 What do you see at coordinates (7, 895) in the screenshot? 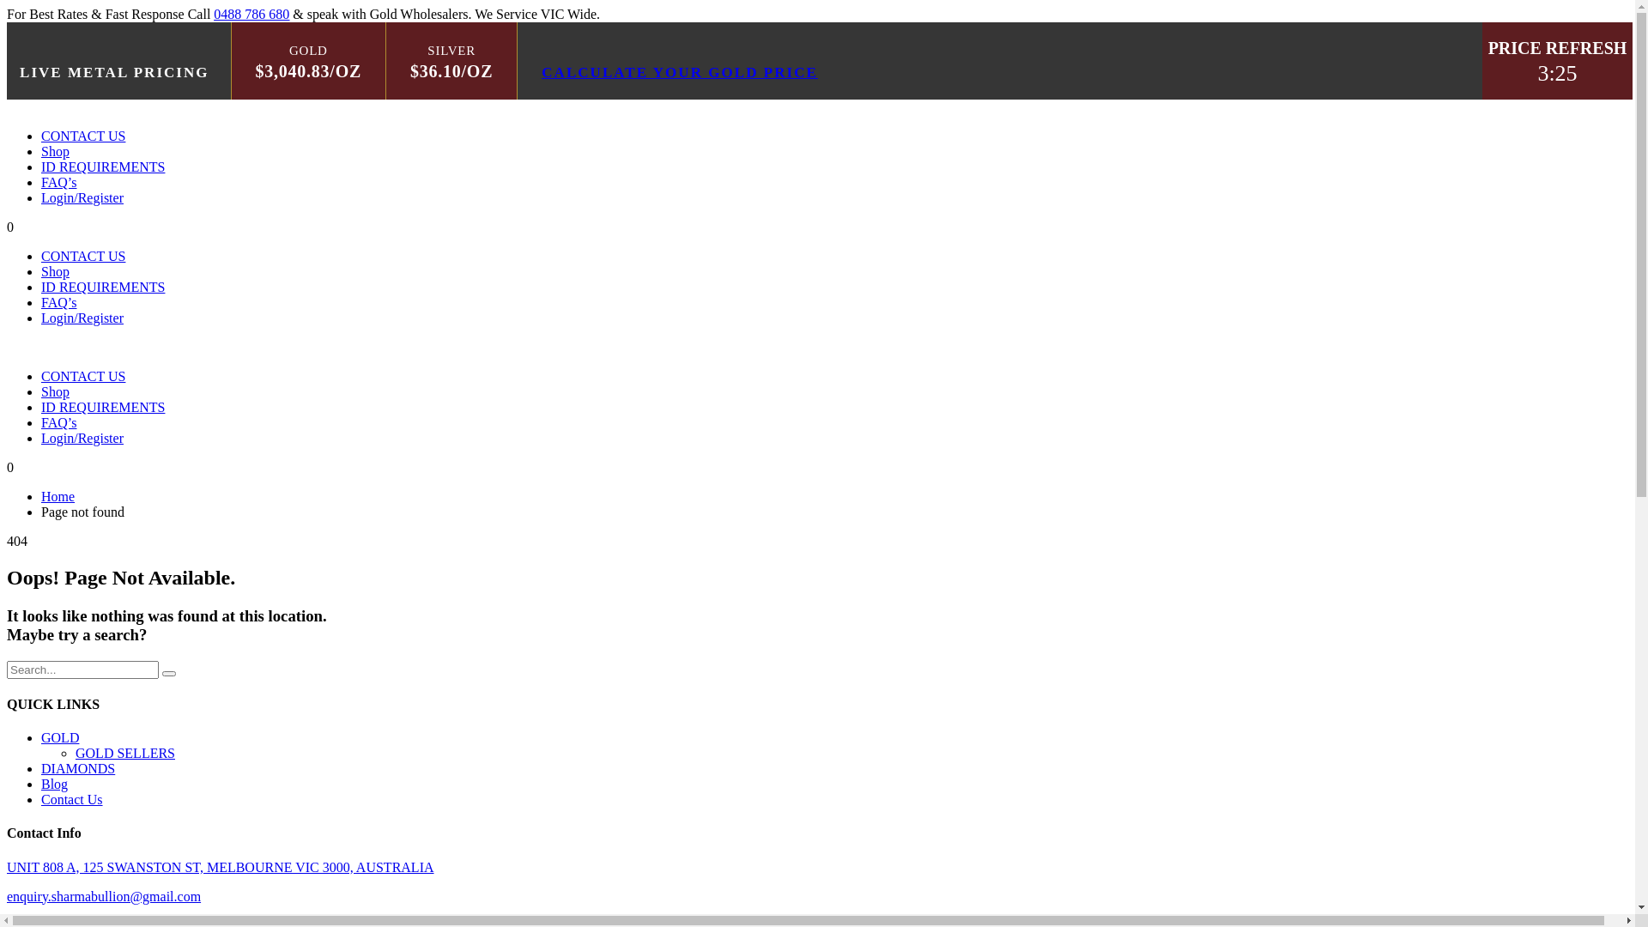
I see `'enquiry.sharmabullion@gmail.com'` at bounding box center [7, 895].